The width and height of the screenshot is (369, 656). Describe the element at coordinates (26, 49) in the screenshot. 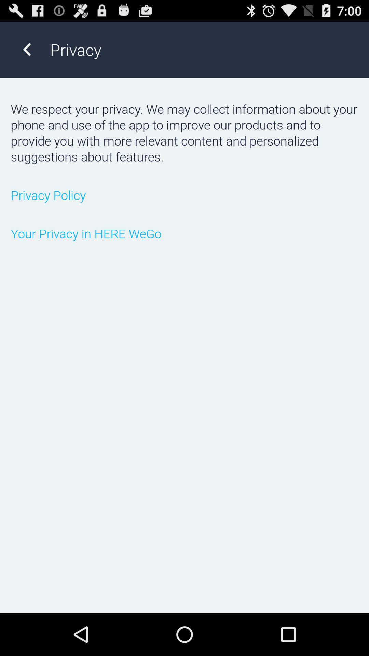

I see `the icon next to privacy` at that location.